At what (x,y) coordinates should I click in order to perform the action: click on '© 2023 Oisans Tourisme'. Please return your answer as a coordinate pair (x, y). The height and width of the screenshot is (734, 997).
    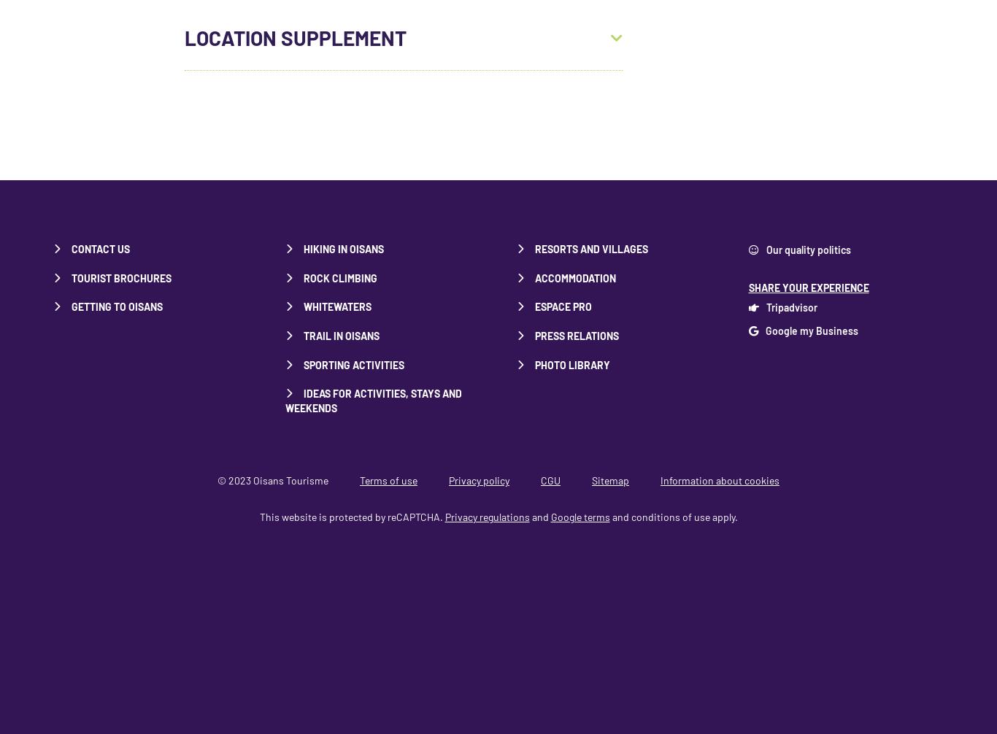
    Looking at the image, I should click on (272, 480).